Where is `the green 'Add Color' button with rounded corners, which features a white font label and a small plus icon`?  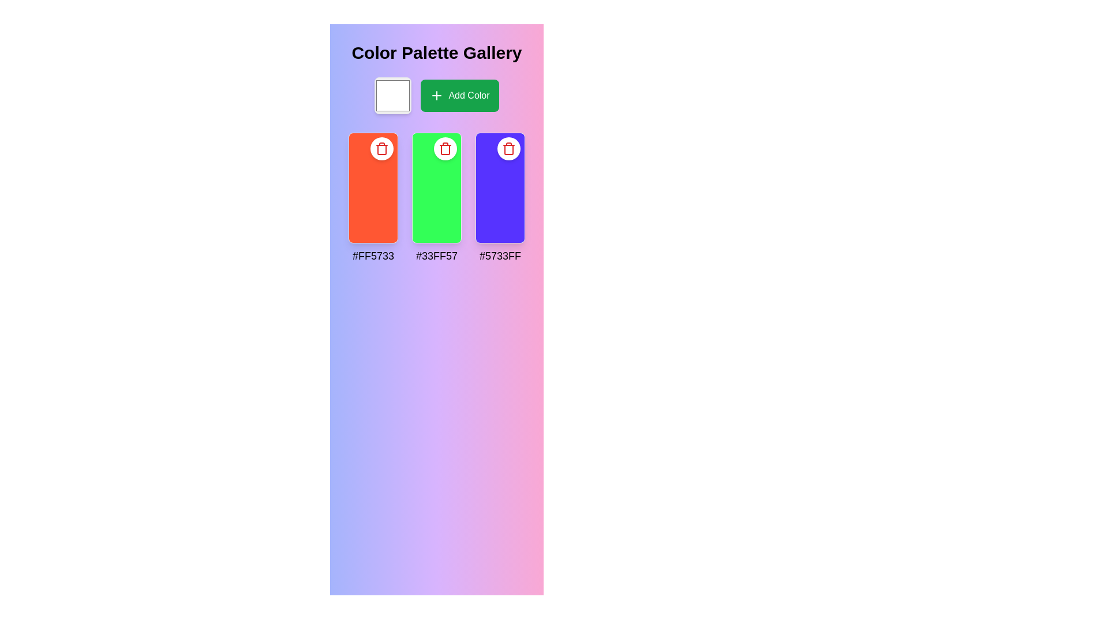 the green 'Add Color' button with rounded corners, which features a white font label and a small plus icon is located at coordinates (436, 95).